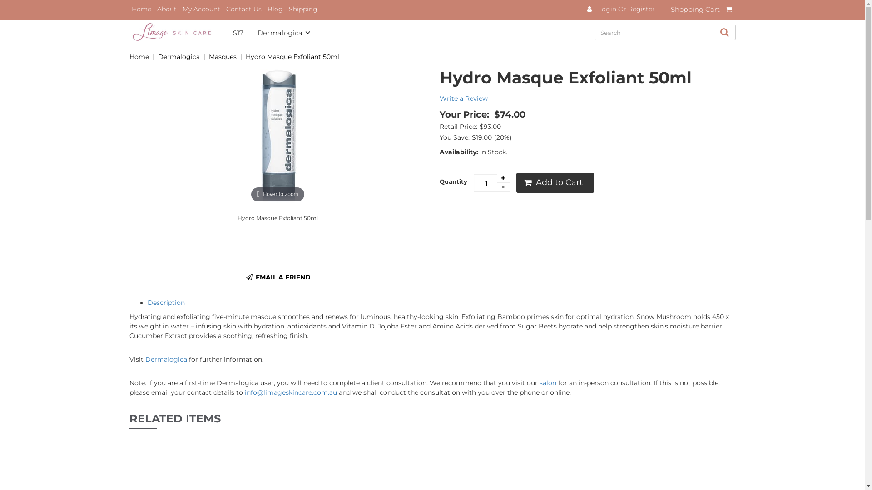 This screenshot has width=872, height=490. I want to click on 'Login Or Register', so click(625, 9).